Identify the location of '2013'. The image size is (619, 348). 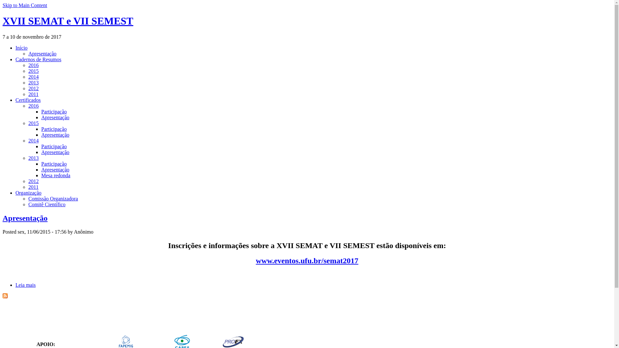
(33, 158).